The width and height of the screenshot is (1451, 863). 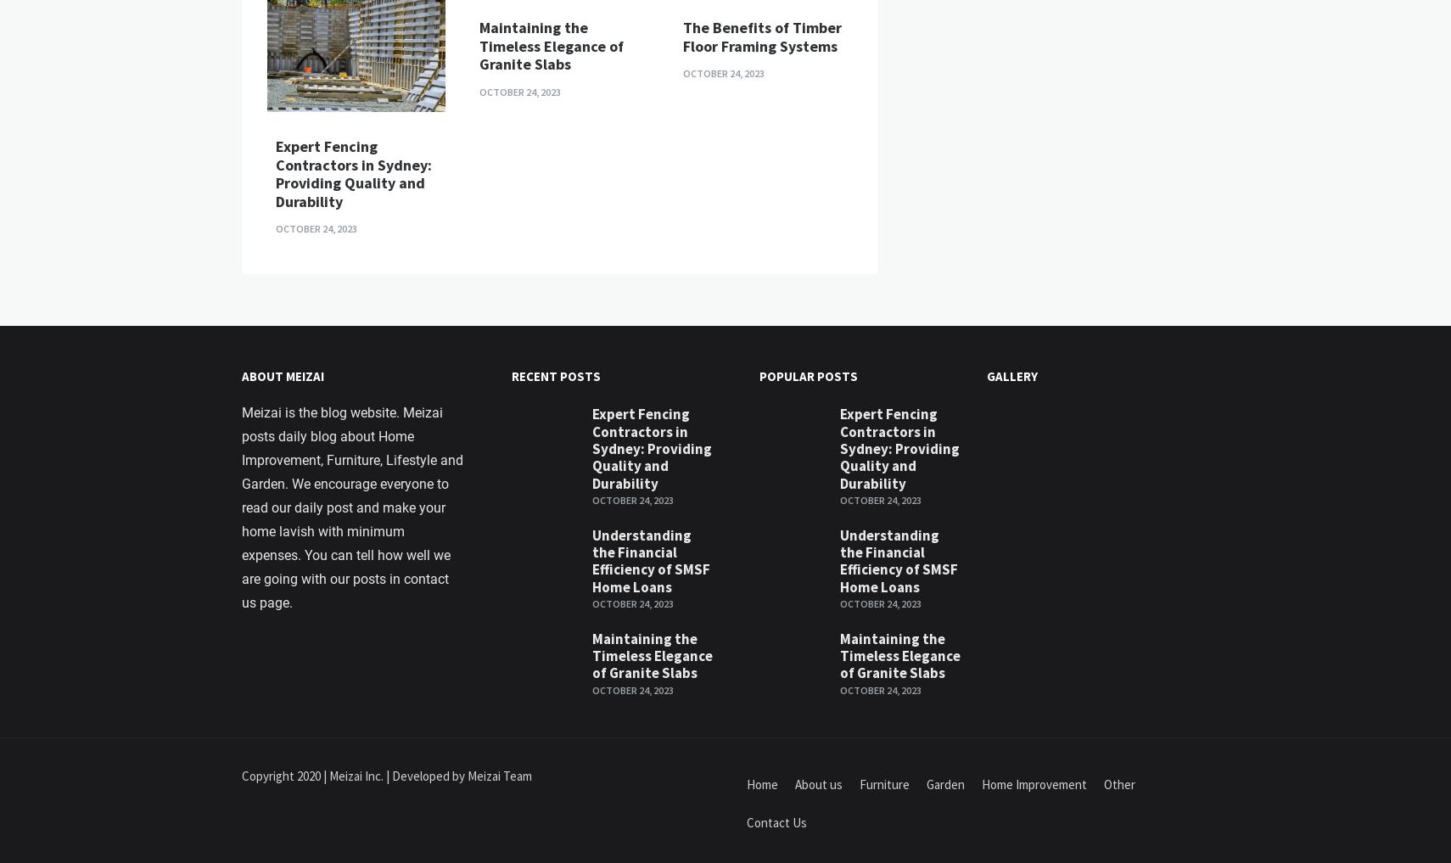 I want to click on 'Hottest Furniture Designs of 2021', so click(x=946, y=325).